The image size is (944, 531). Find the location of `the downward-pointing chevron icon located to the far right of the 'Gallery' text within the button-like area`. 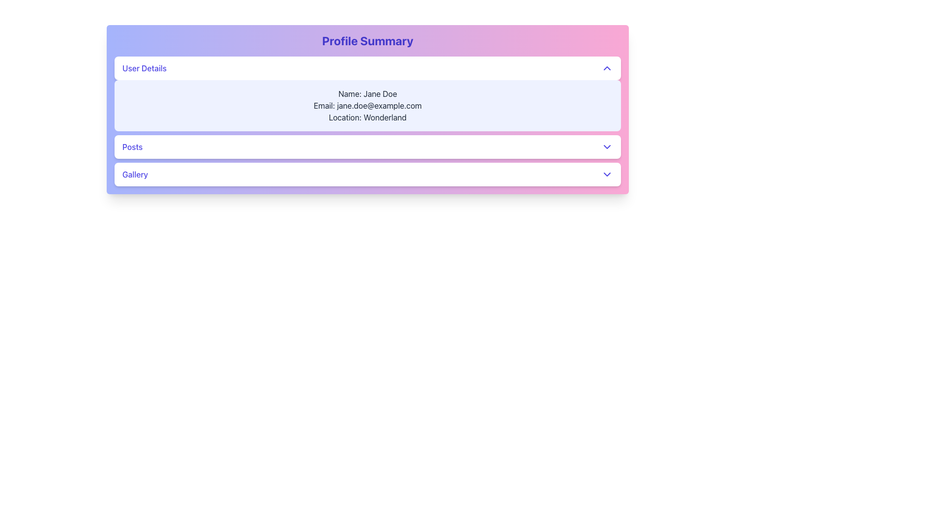

the downward-pointing chevron icon located to the far right of the 'Gallery' text within the button-like area is located at coordinates (606, 174).